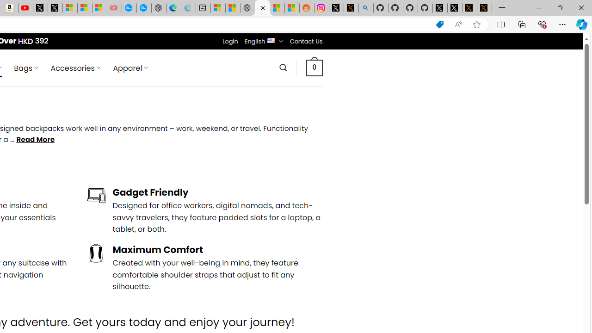 This screenshot has height=333, width=592. I want to click on 'Contact Us', so click(306, 41).